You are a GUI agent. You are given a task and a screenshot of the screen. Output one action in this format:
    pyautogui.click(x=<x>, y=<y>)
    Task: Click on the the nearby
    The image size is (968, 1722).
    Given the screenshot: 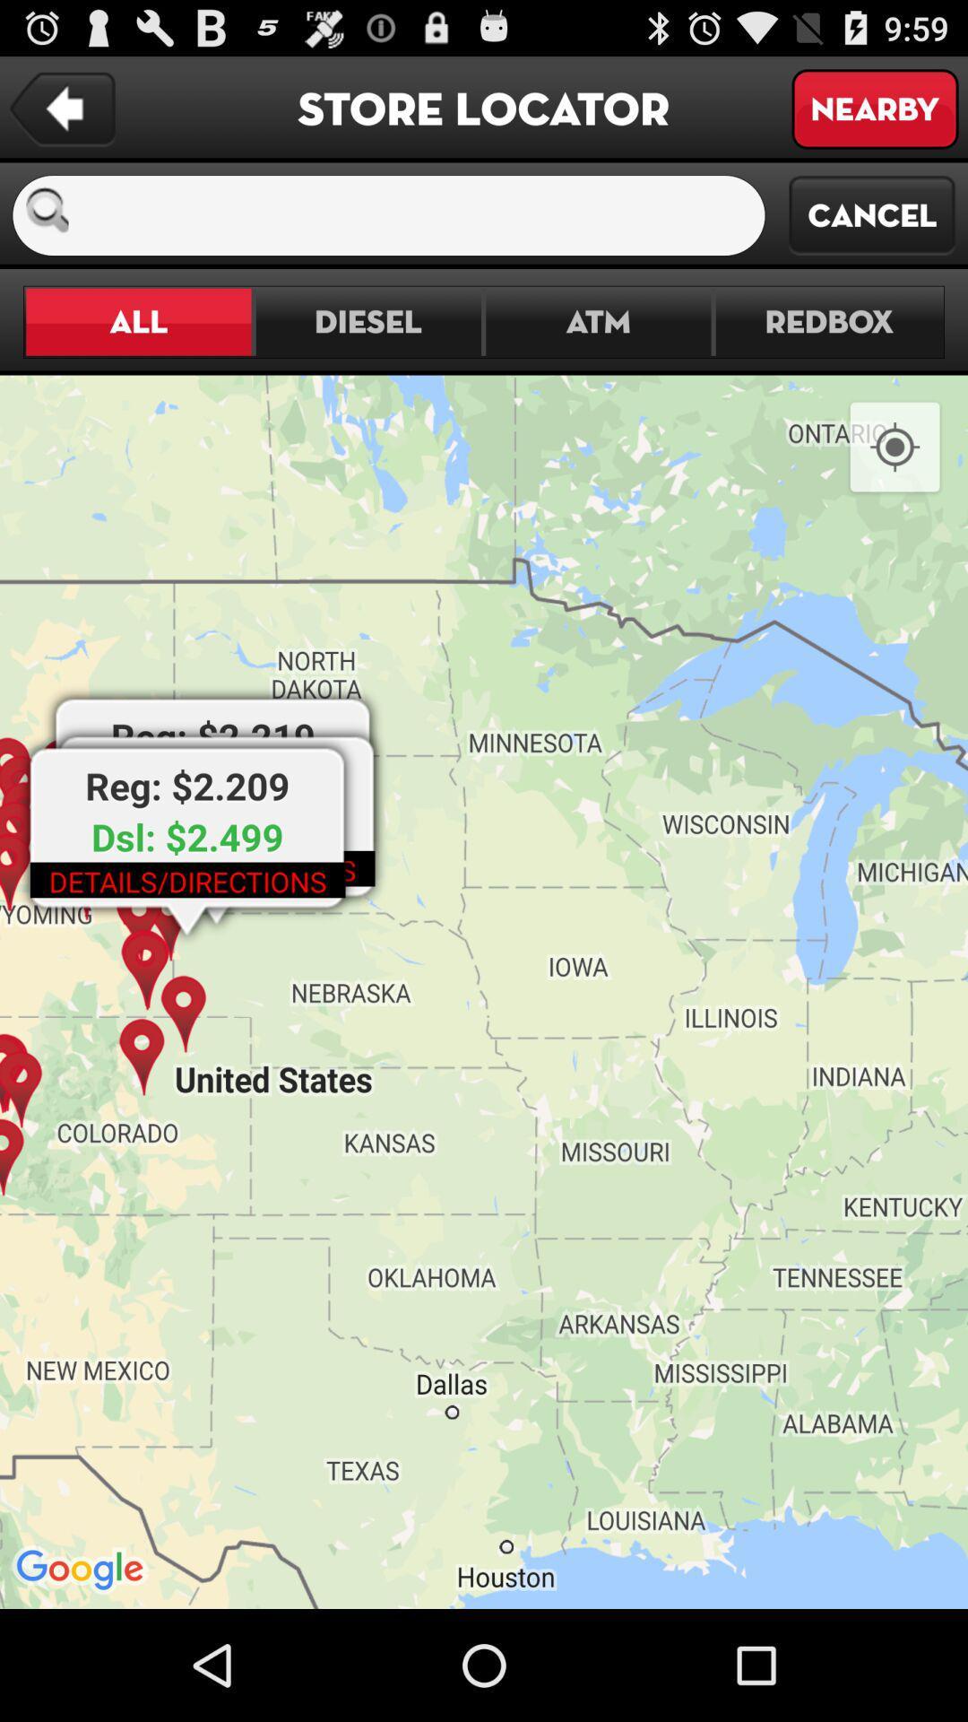 What is the action you would take?
    pyautogui.click(x=874, y=108)
    